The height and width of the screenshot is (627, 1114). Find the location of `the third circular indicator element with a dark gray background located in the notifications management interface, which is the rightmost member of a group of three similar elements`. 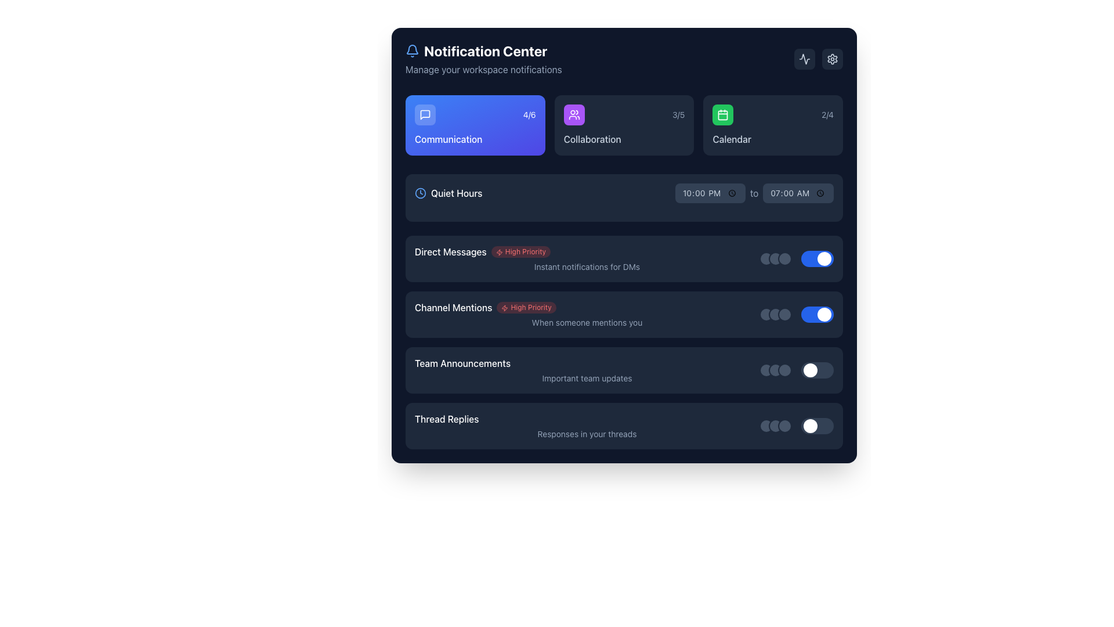

the third circular indicator element with a dark gray background located in the notifications management interface, which is the rightmost member of a group of three similar elements is located at coordinates (785, 258).